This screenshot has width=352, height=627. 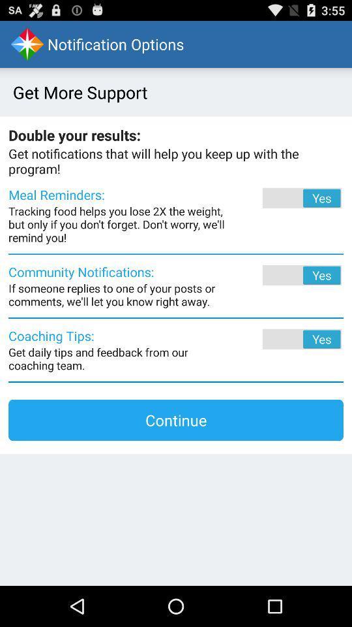 What do you see at coordinates (284, 198) in the screenshot?
I see `the icon next to meal reminders:` at bounding box center [284, 198].